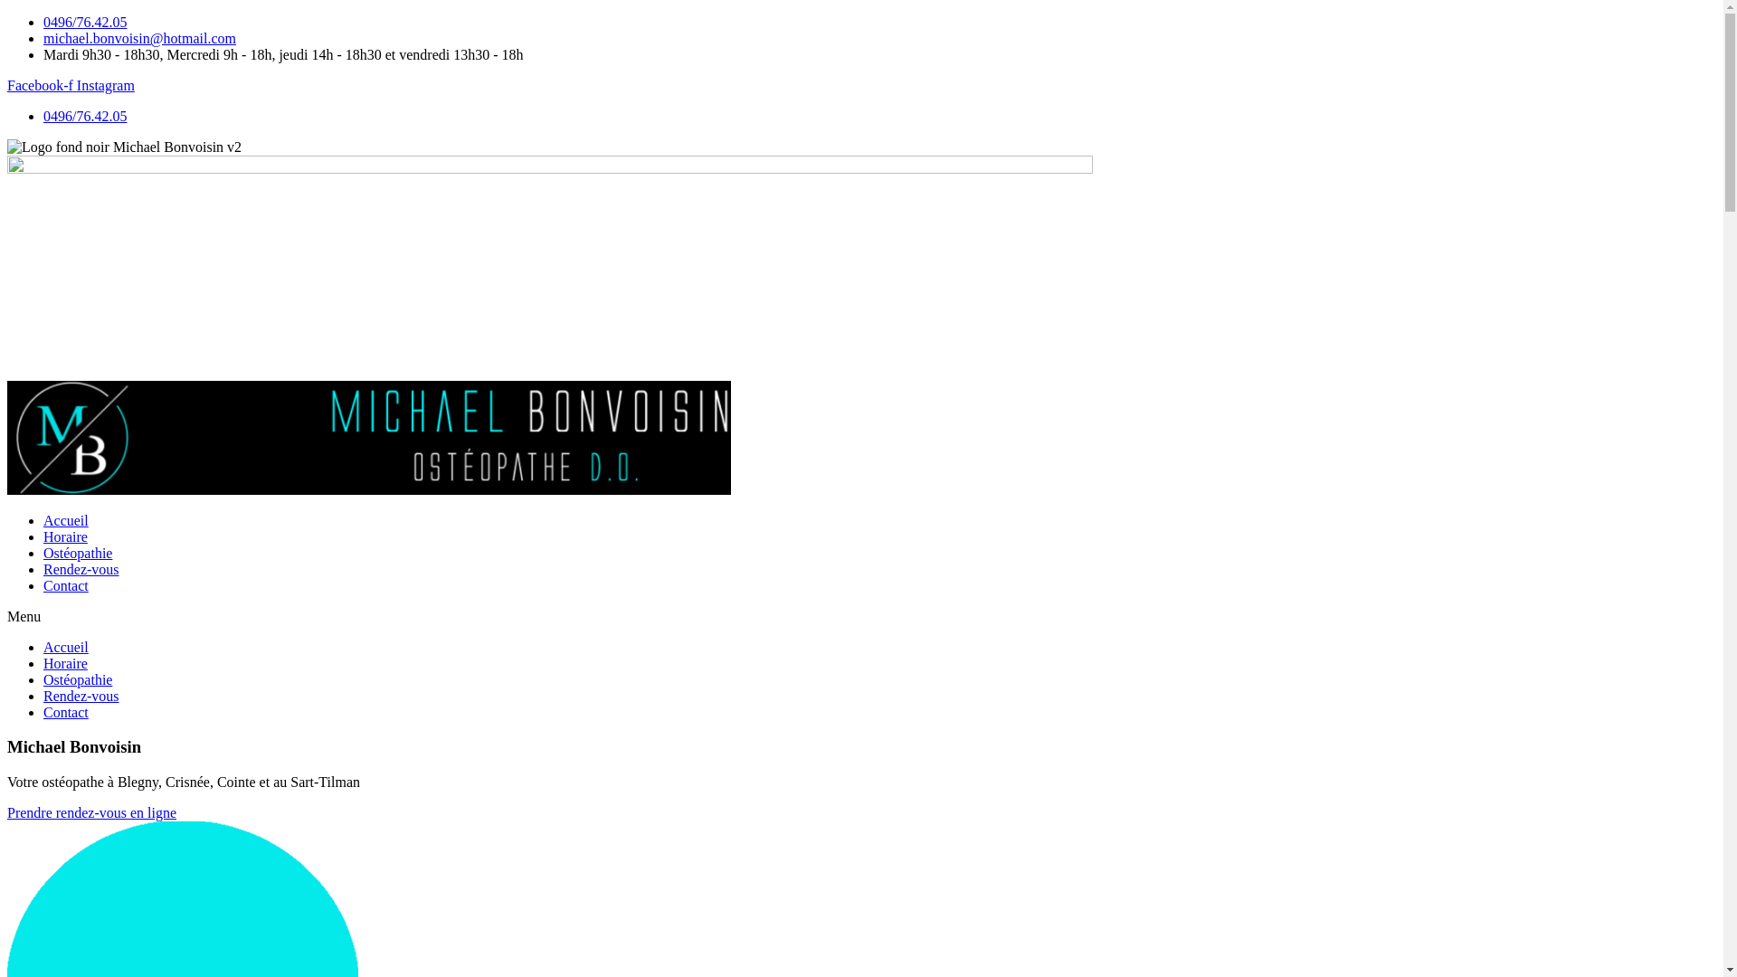 This screenshot has height=977, width=1737. What do you see at coordinates (43, 711) in the screenshot?
I see `'Contact'` at bounding box center [43, 711].